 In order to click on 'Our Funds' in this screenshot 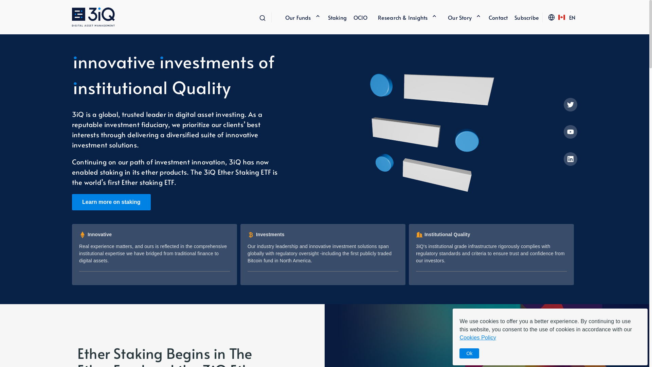, I will do `click(298, 17)`.